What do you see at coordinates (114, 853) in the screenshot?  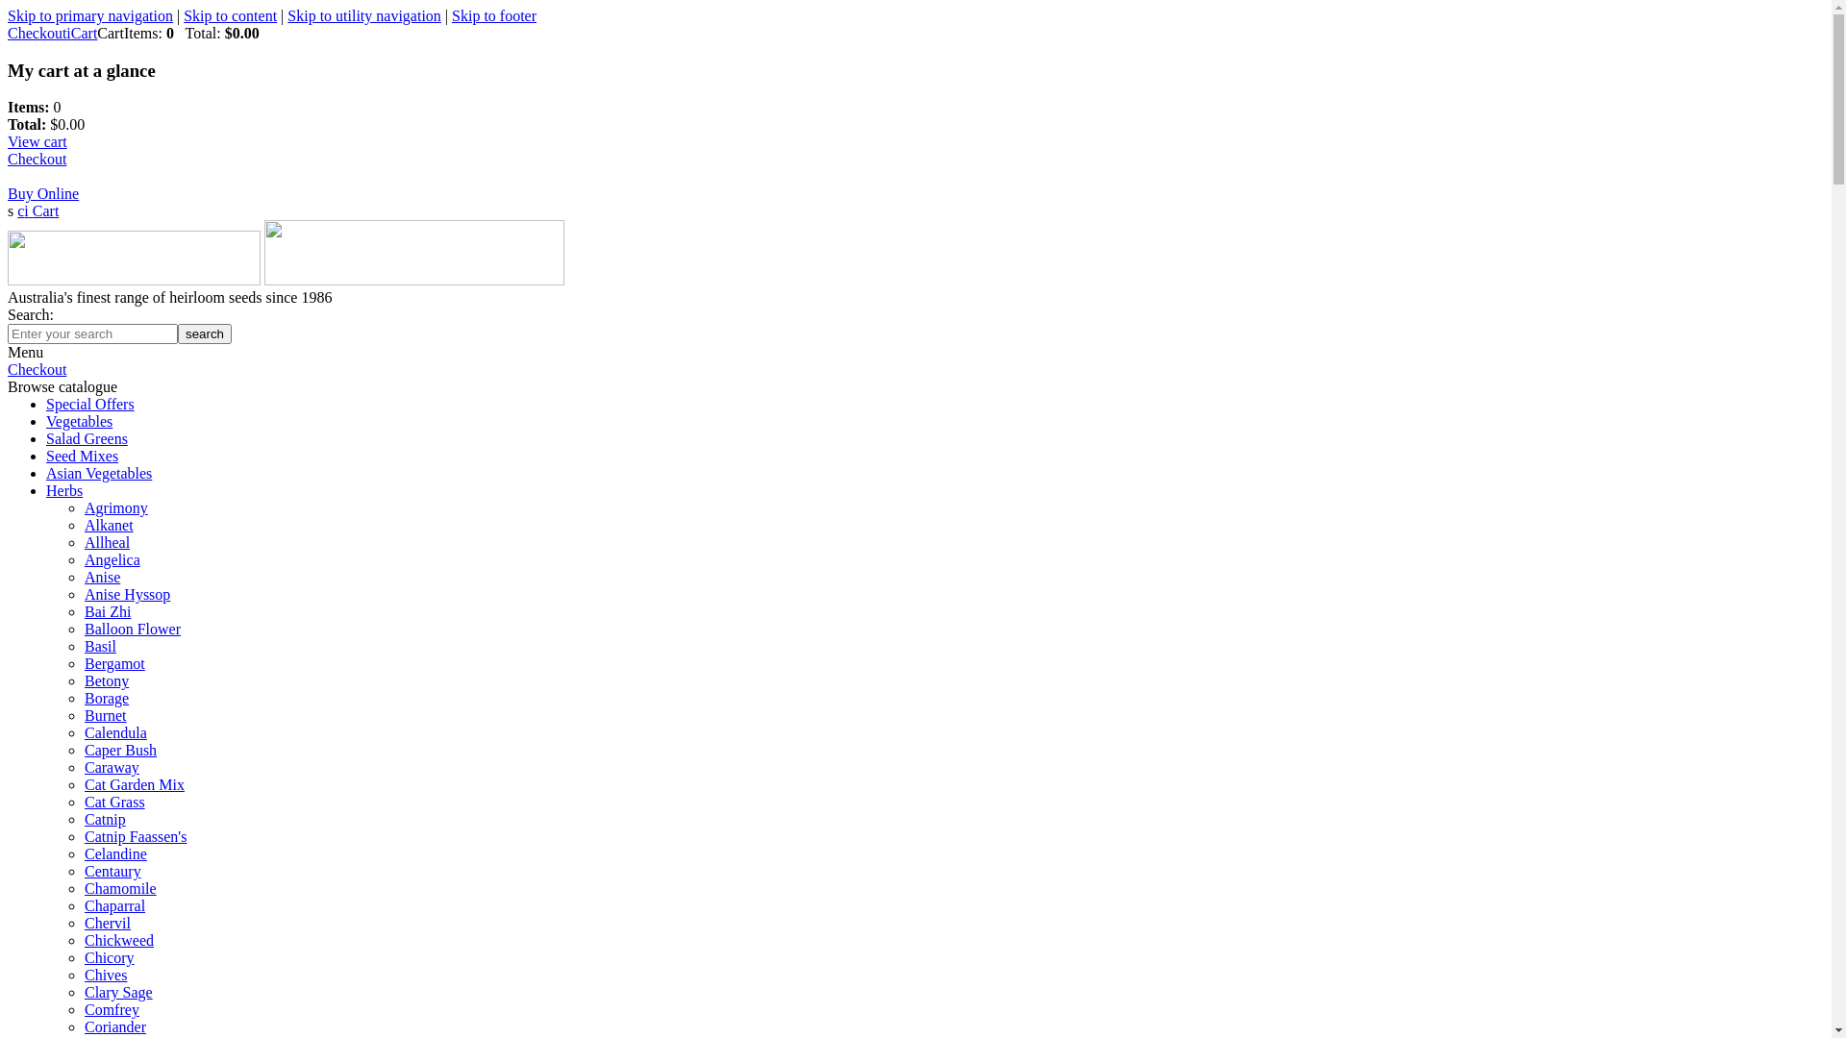 I see `'Celandine'` at bounding box center [114, 853].